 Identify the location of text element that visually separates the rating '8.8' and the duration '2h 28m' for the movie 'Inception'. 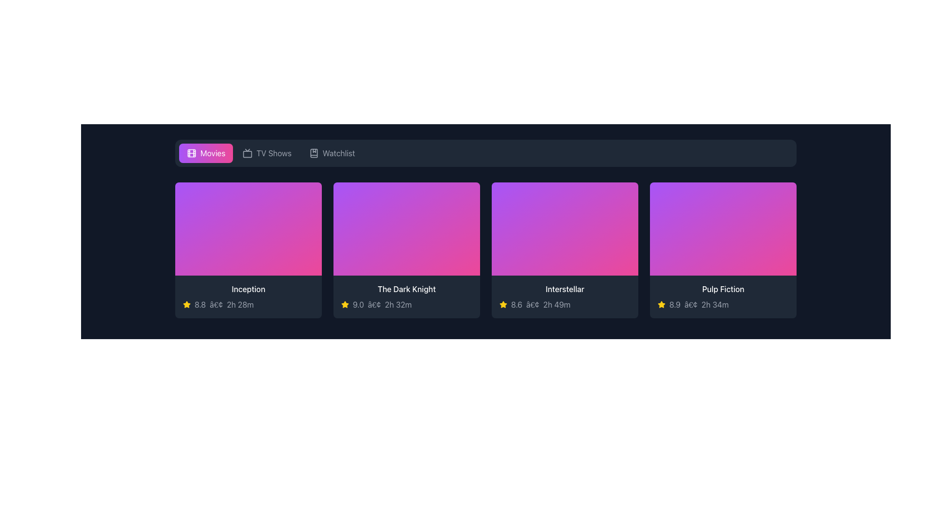
(216, 304).